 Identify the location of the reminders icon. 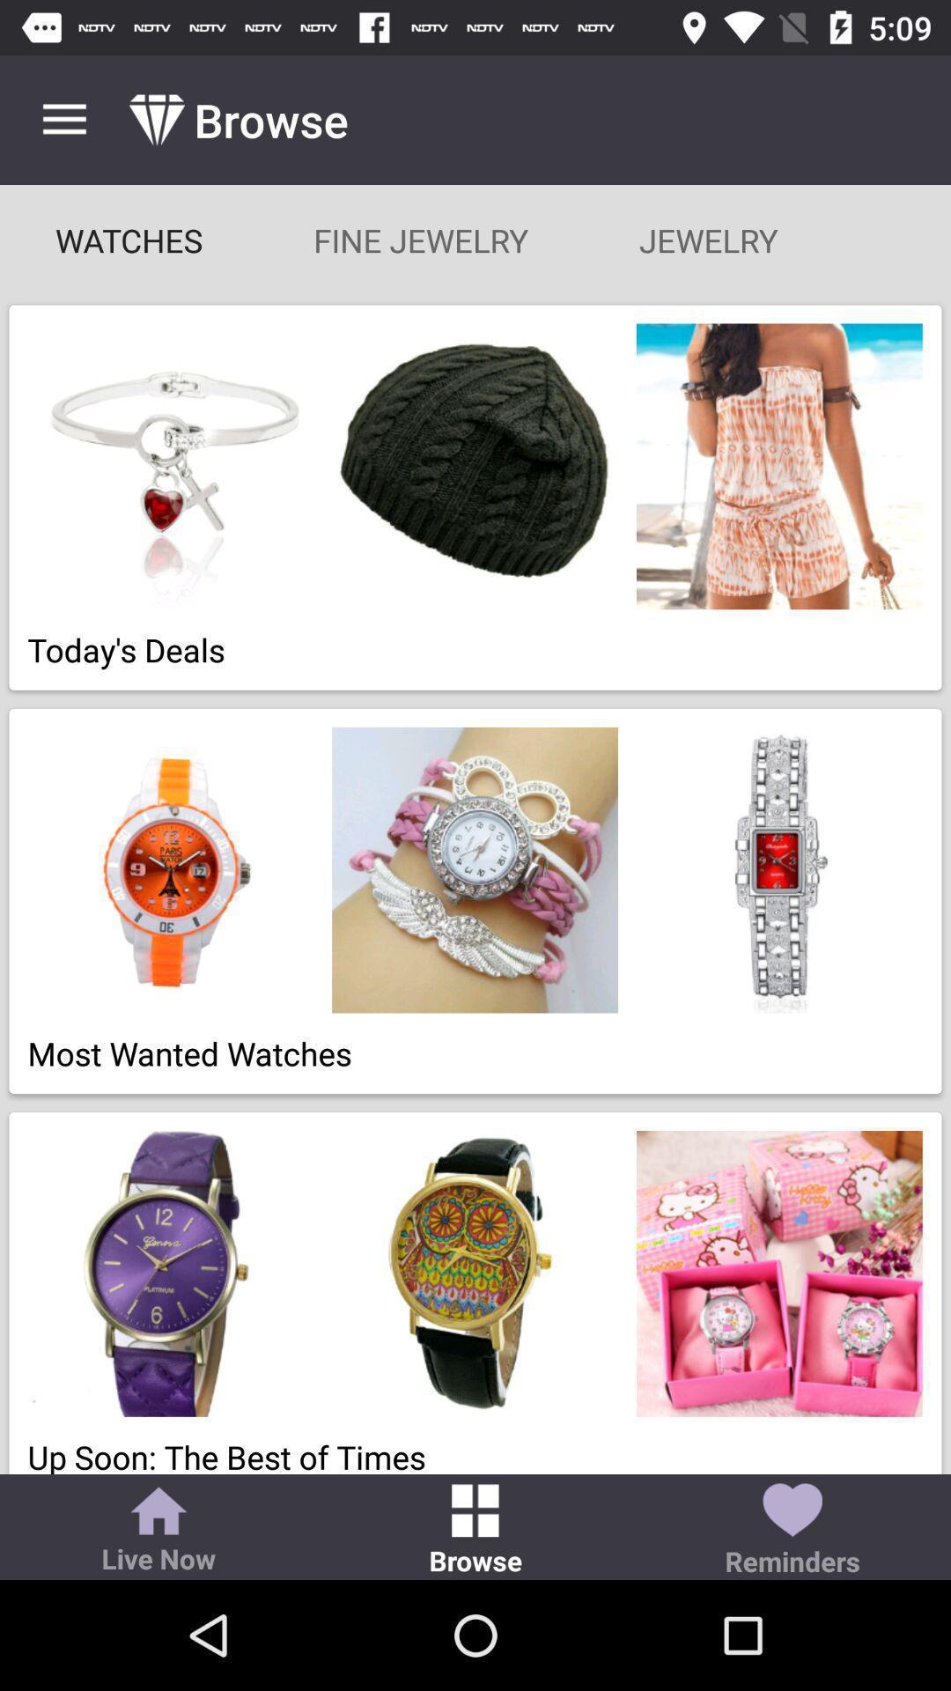
(791, 1531).